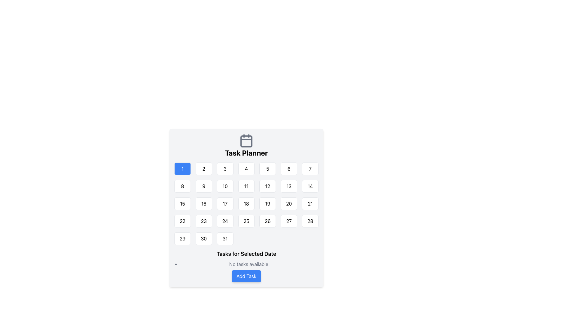 The height and width of the screenshot is (325, 577). Describe the element at coordinates (182, 221) in the screenshot. I see `the button labeled '22' in the calendar grid of the task planner` at that location.